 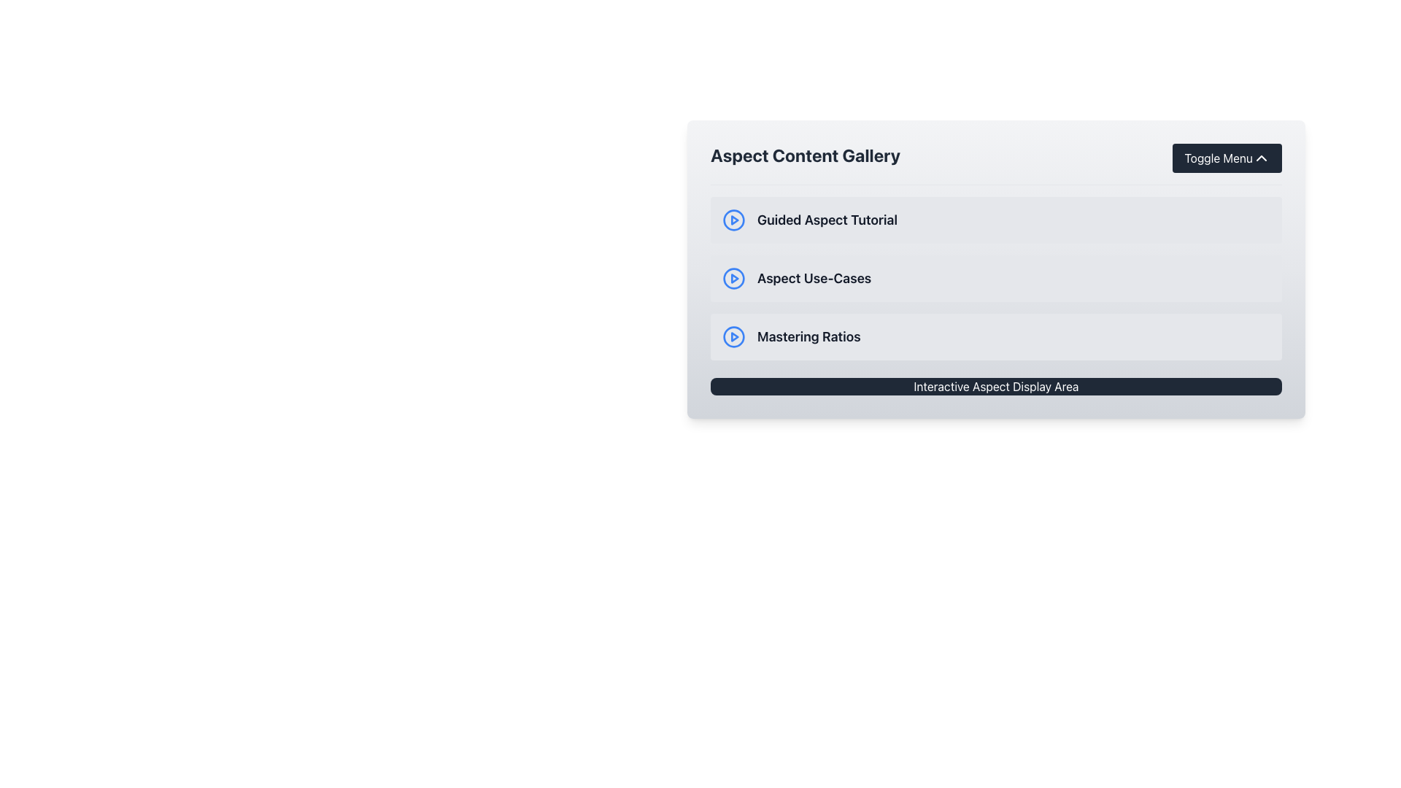 What do you see at coordinates (734, 220) in the screenshot?
I see `the play icon located in the leftmost section of the 'Guided Aspect Tutorial' row` at bounding box center [734, 220].